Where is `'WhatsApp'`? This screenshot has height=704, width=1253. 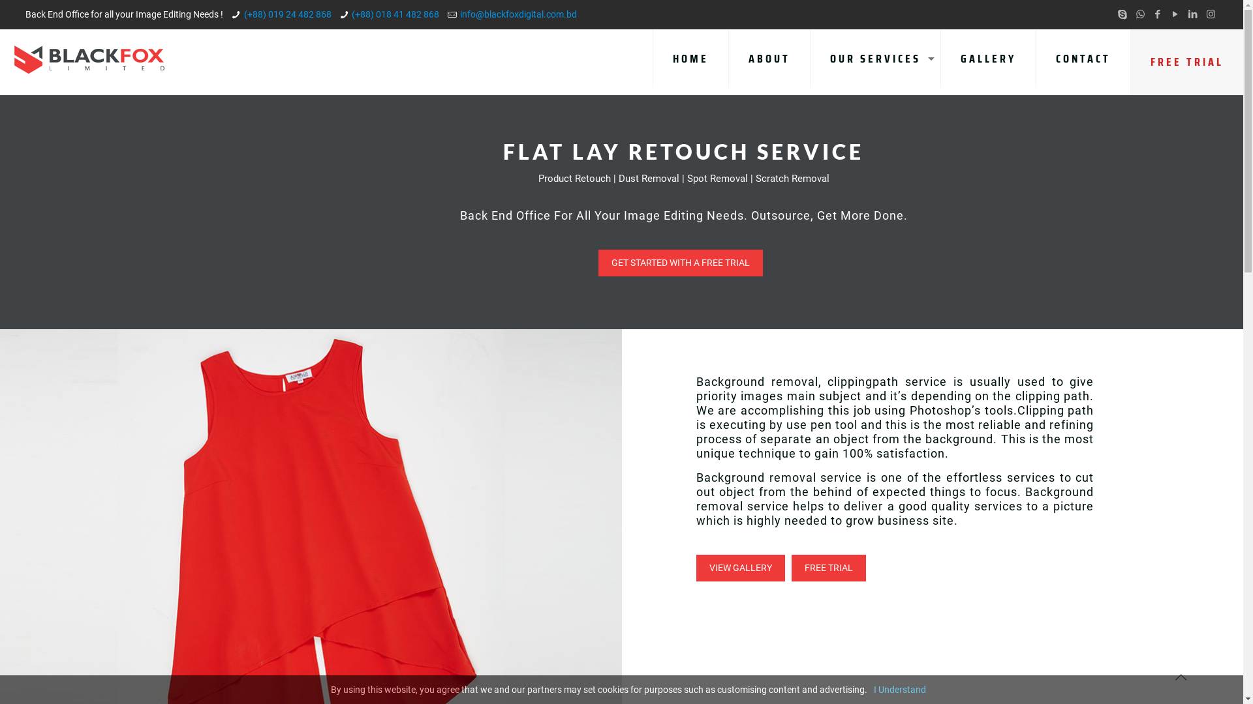 'WhatsApp' is located at coordinates (1139, 14).